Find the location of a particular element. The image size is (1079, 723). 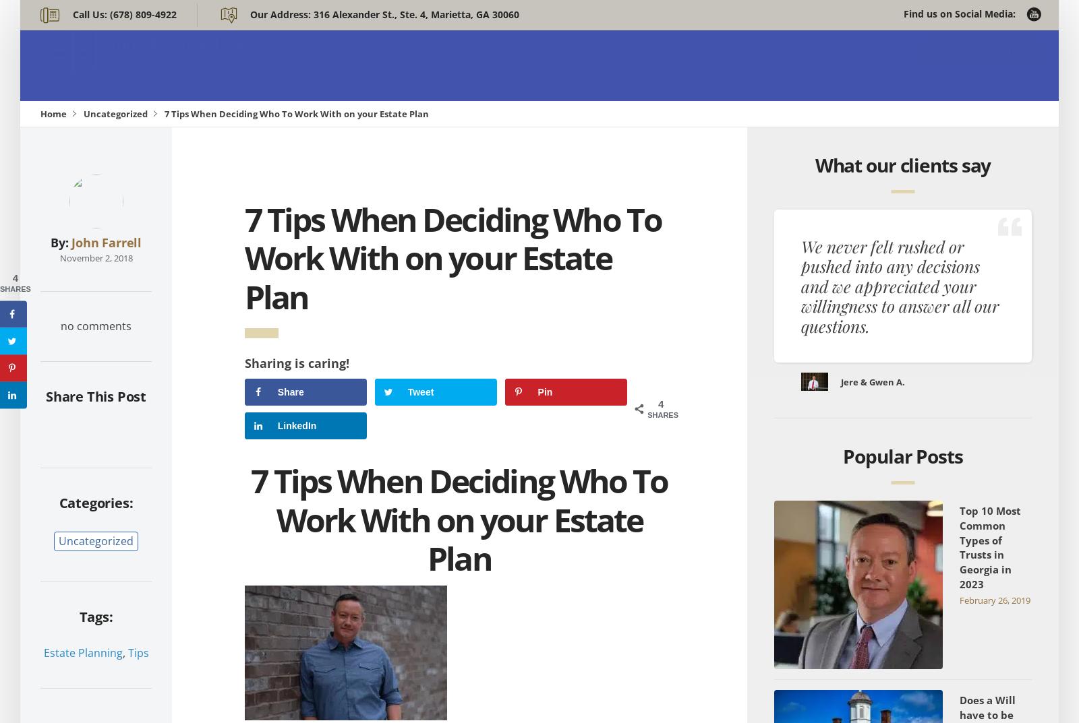

',' is located at coordinates (123, 651).